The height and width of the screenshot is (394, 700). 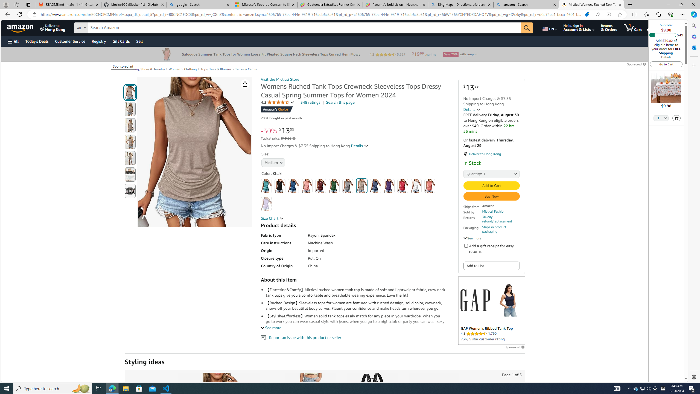 I want to click on 'Add to Cart', so click(x=491, y=185).